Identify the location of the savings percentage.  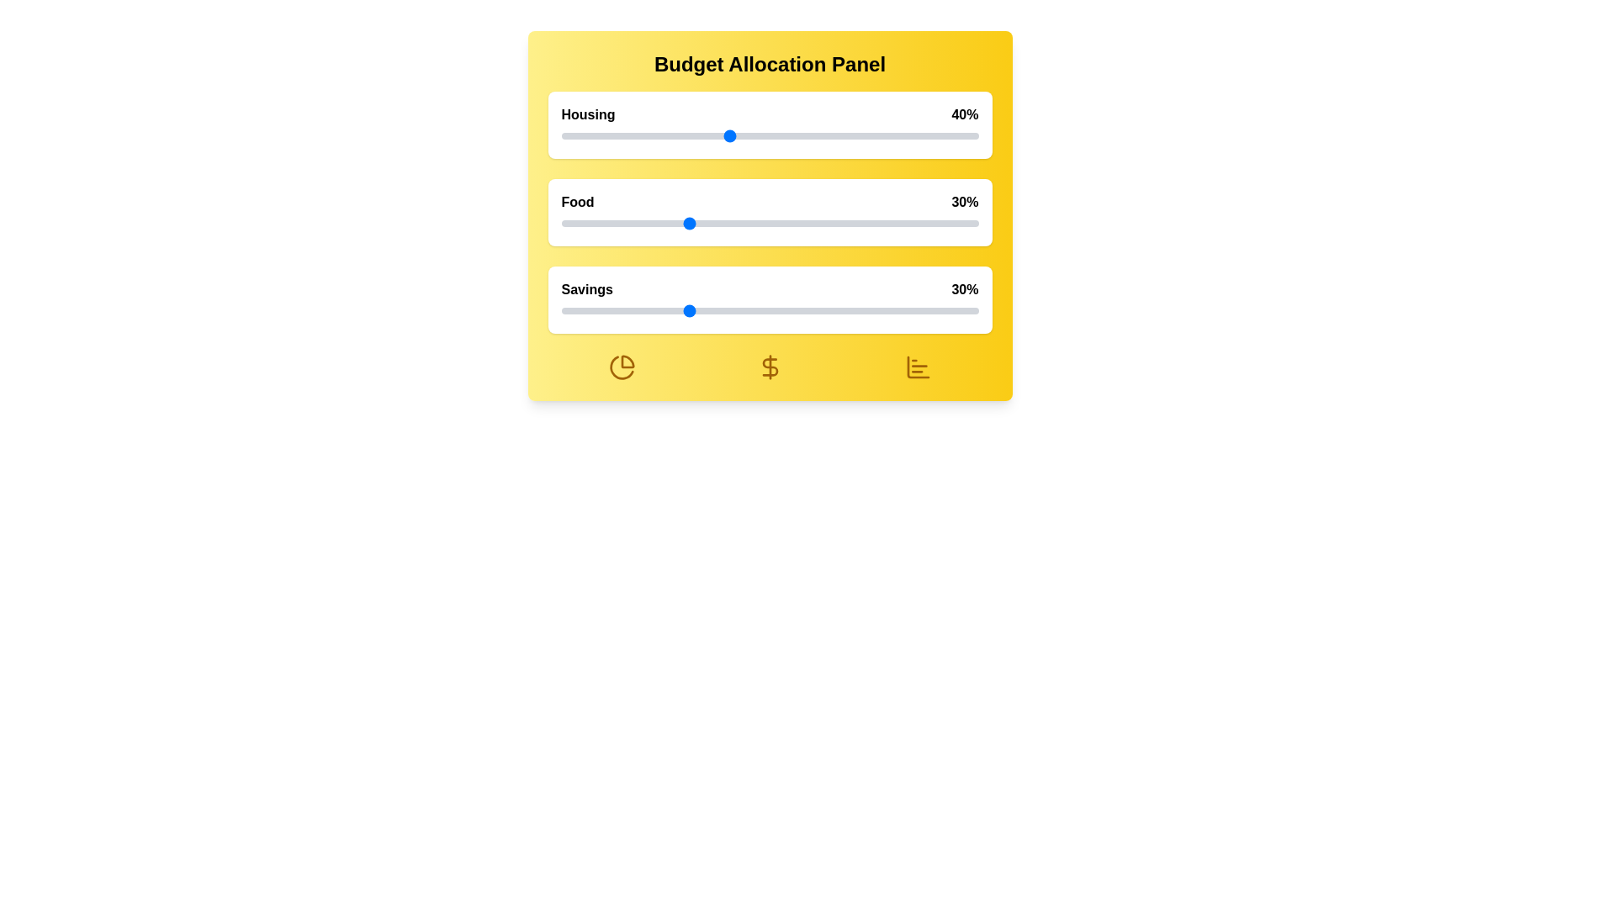
(582, 311).